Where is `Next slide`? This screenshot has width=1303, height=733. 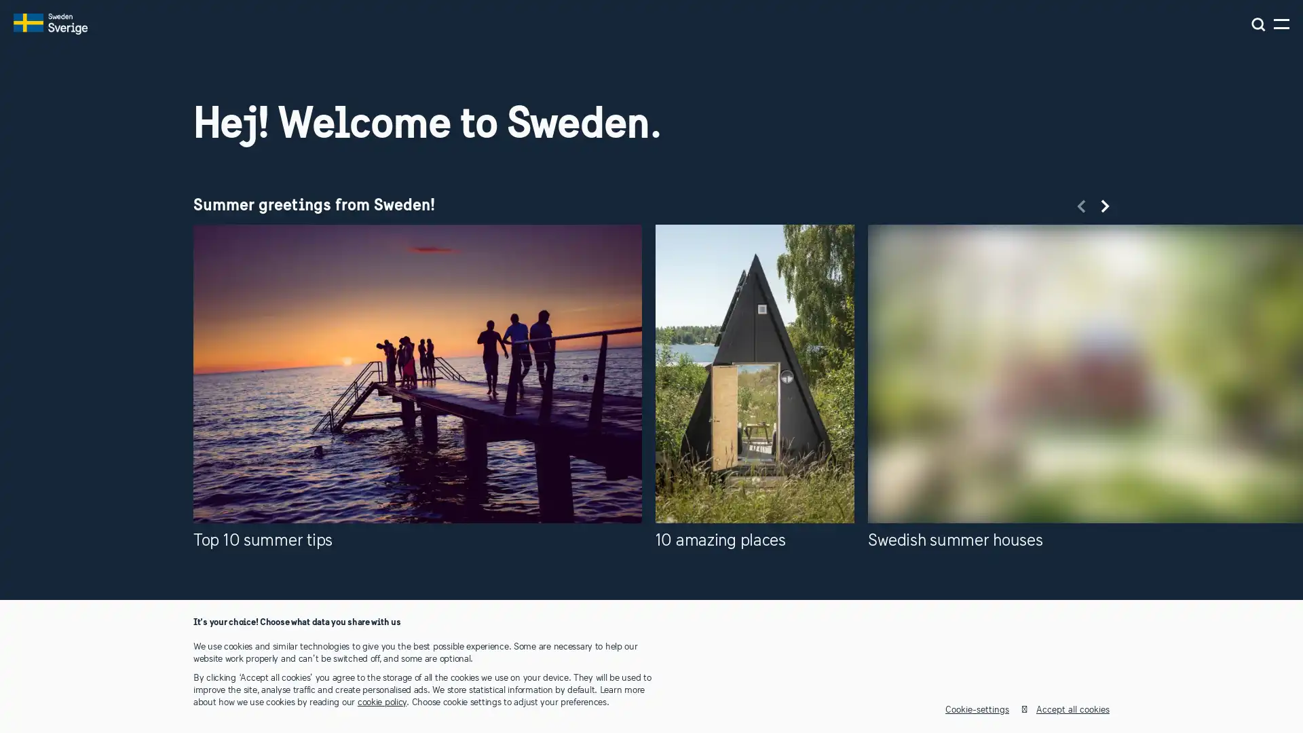
Next slide is located at coordinates (1105, 607).